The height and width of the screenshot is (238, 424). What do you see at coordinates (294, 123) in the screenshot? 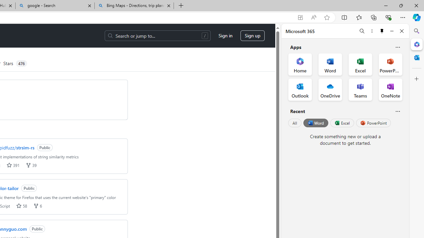
I see `'All'` at bounding box center [294, 123].